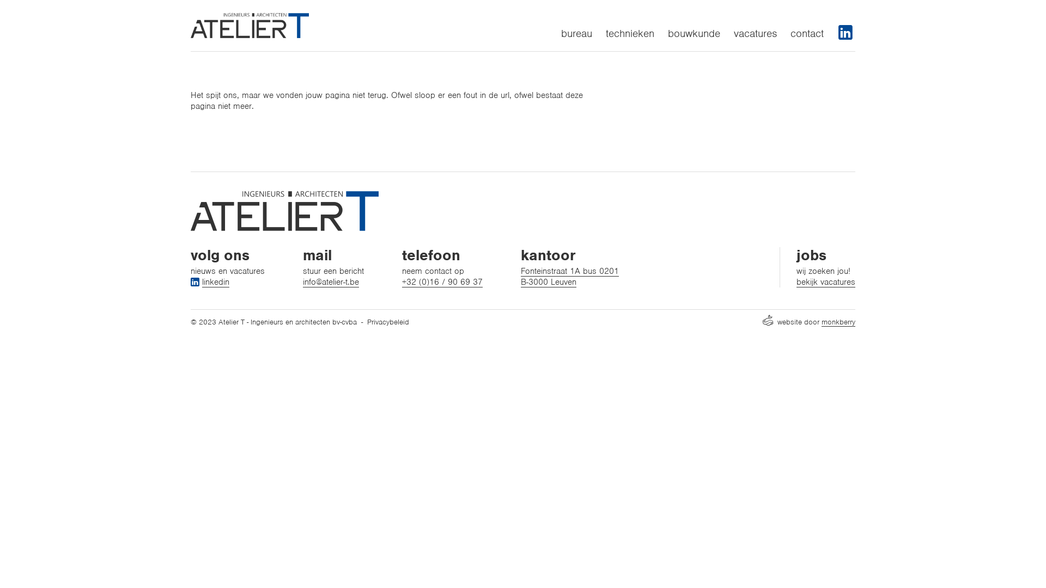 This screenshot has width=1046, height=588. Describe the element at coordinates (796, 281) in the screenshot. I see `'bekijk vacatures'` at that location.